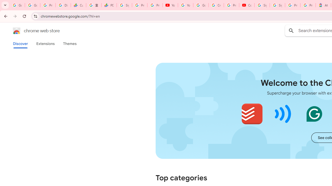 Image resolution: width=332 pixels, height=186 pixels. What do you see at coordinates (252, 114) in the screenshot?
I see `'Todoist for Chrome'` at bounding box center [252, 114].